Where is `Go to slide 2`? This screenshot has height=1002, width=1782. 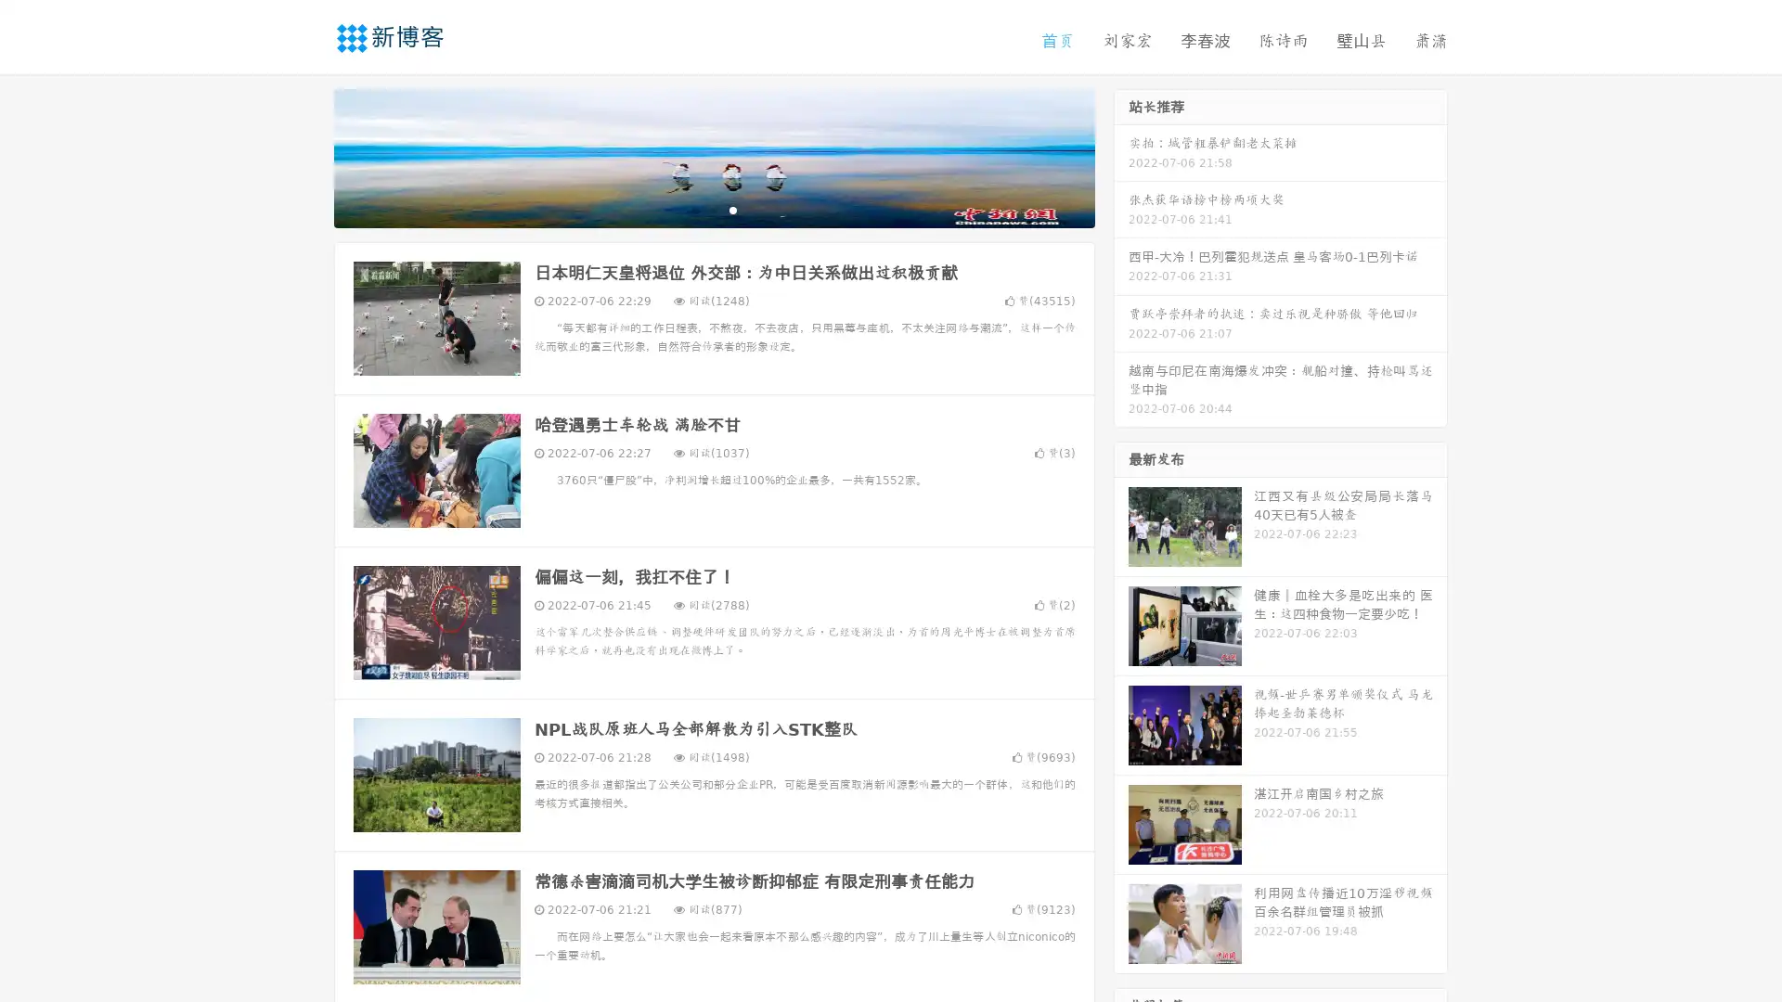
Go to slide 2 is located at coordinates (713, 209).